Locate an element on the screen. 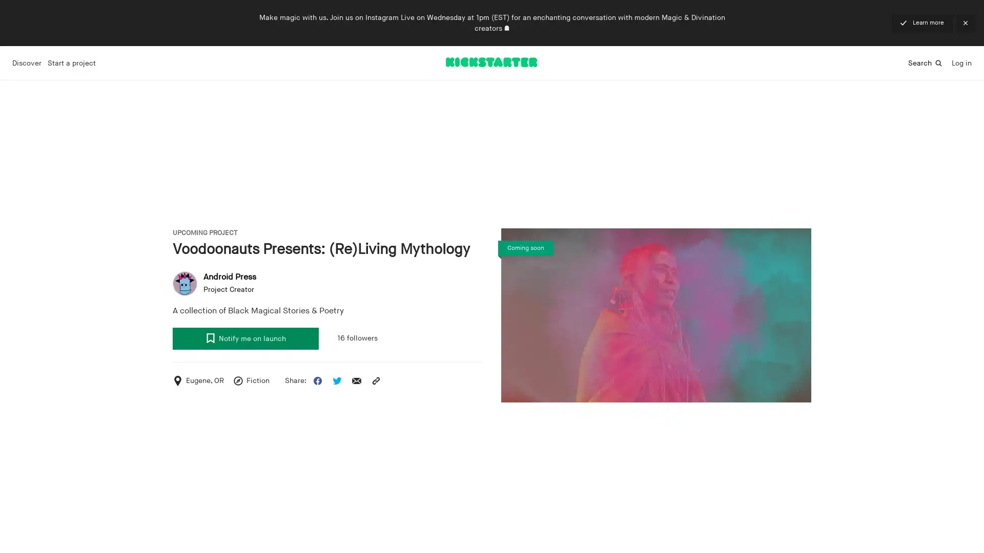  Search is located at coordinates (925, 62).